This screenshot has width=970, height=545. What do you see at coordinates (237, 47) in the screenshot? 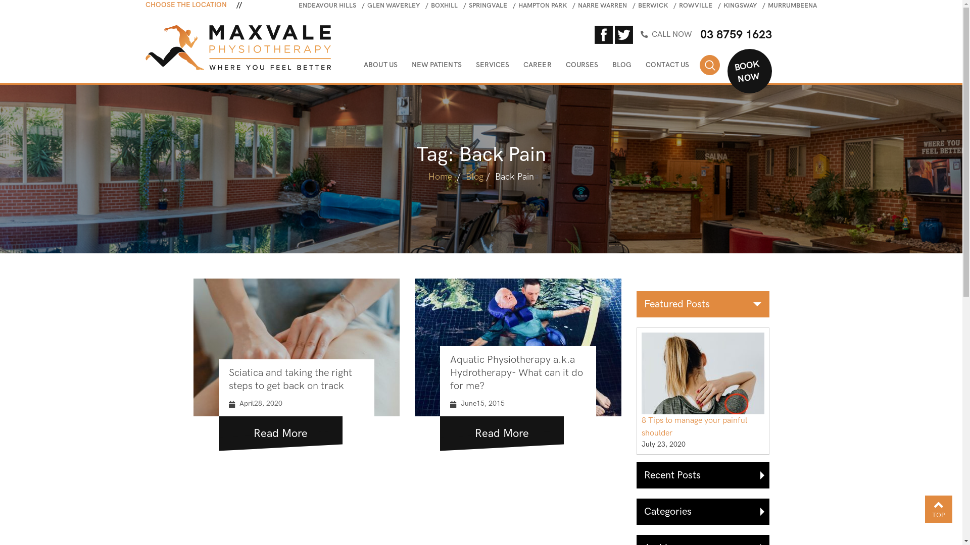
I see `'Maxvale Physiotherapy'` at bounding box center [237, 47].